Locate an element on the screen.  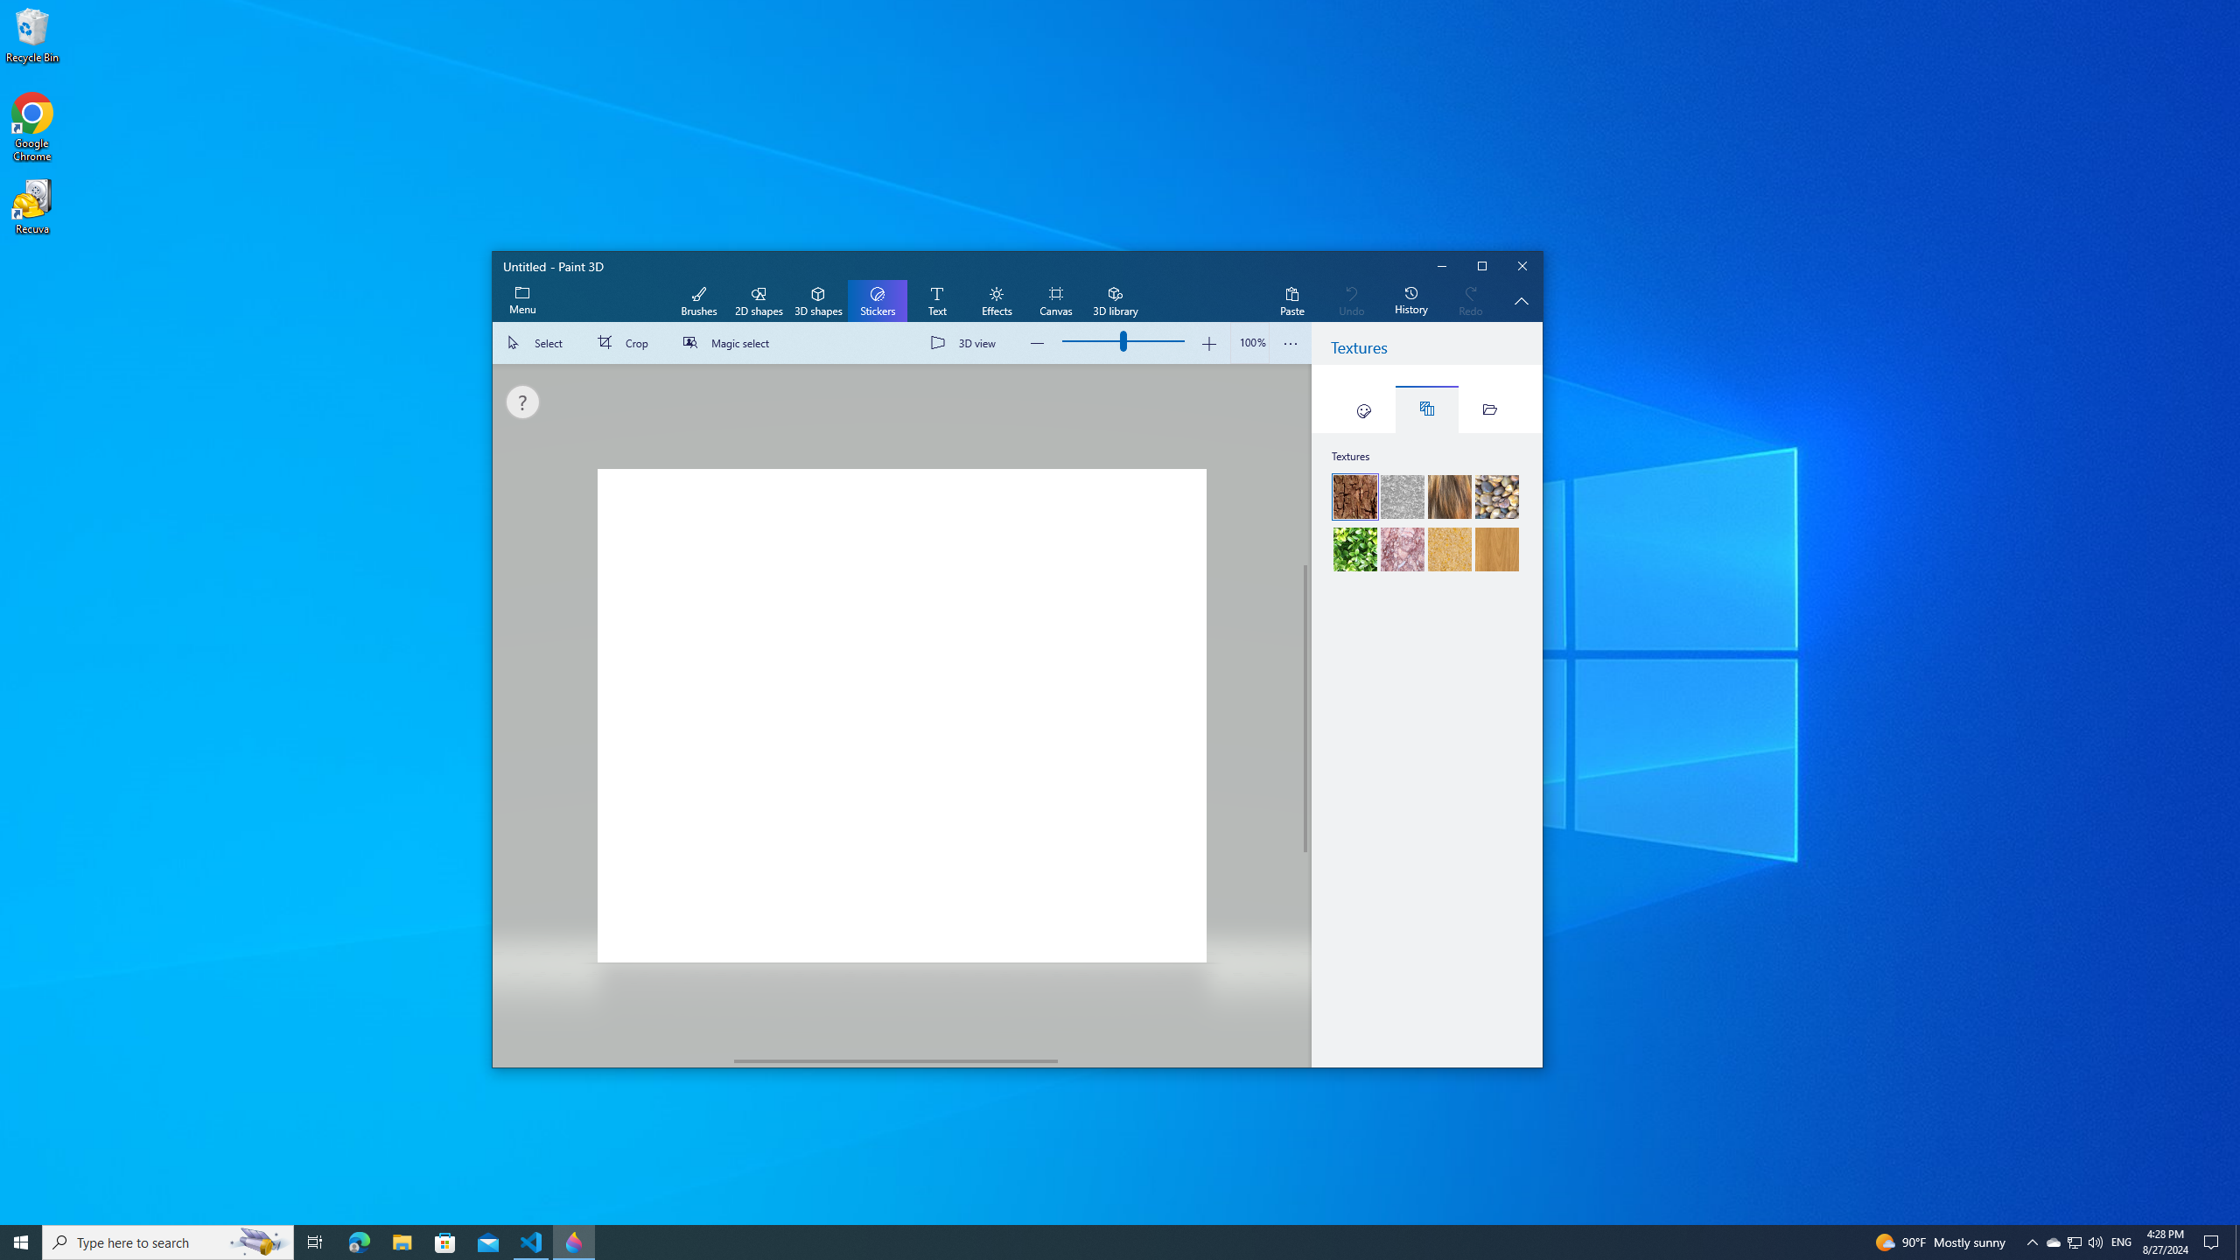
'View more options' is located at coordinates (1291, 342).